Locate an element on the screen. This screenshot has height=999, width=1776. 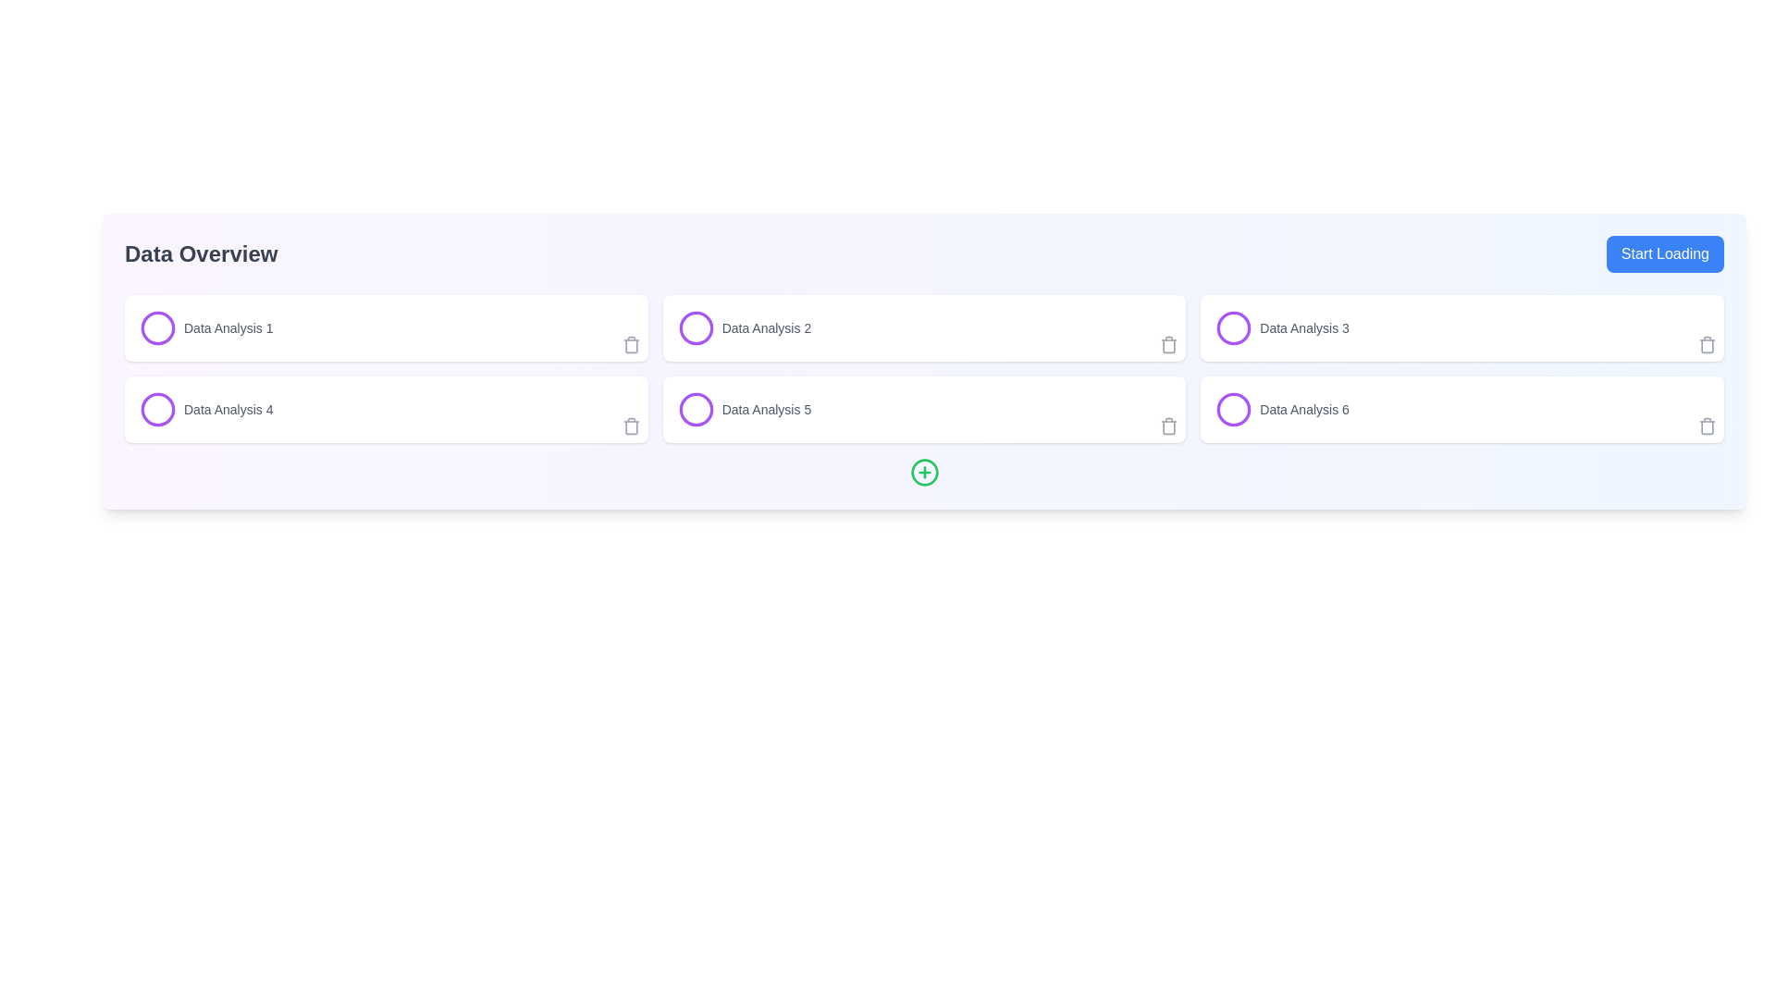
the delete icon button located in the lower-right corner of the white box containing 'Data Analysis 3' to change its color to red is located at coordinates (1707, 345).